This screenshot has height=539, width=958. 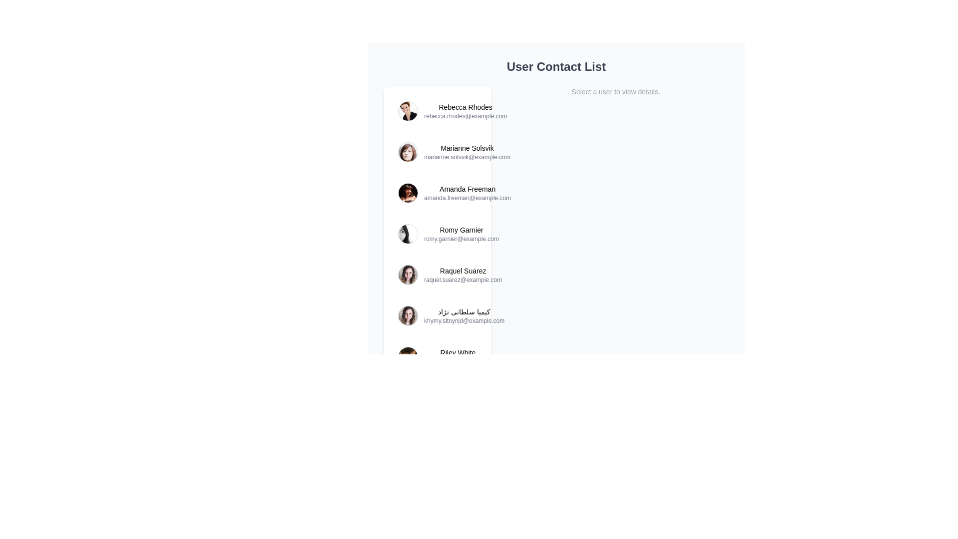 What do you see at coordinates (461, 239) in the screenshot?
I see `text value of the static email address label located beneath the user's name 'Romy Garnier' in the contact interface` at bounding box center [461, 239].